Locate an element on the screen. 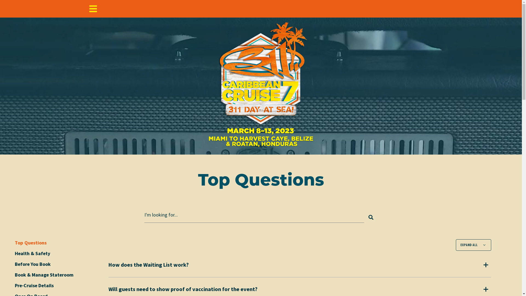  'Menu' is located at coordinates (93, 8).